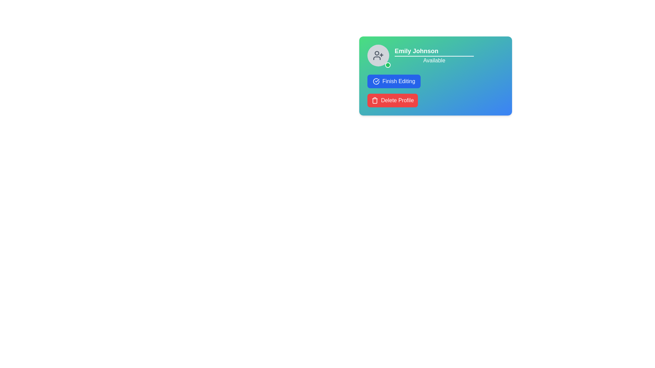 The image size is (655, 368). What do you see at coordinates (376, 52) in the screenshot?
I see `the small gray circle that is part of the user profile icon in the top left corner of the card` at bounding box center [376, 52].